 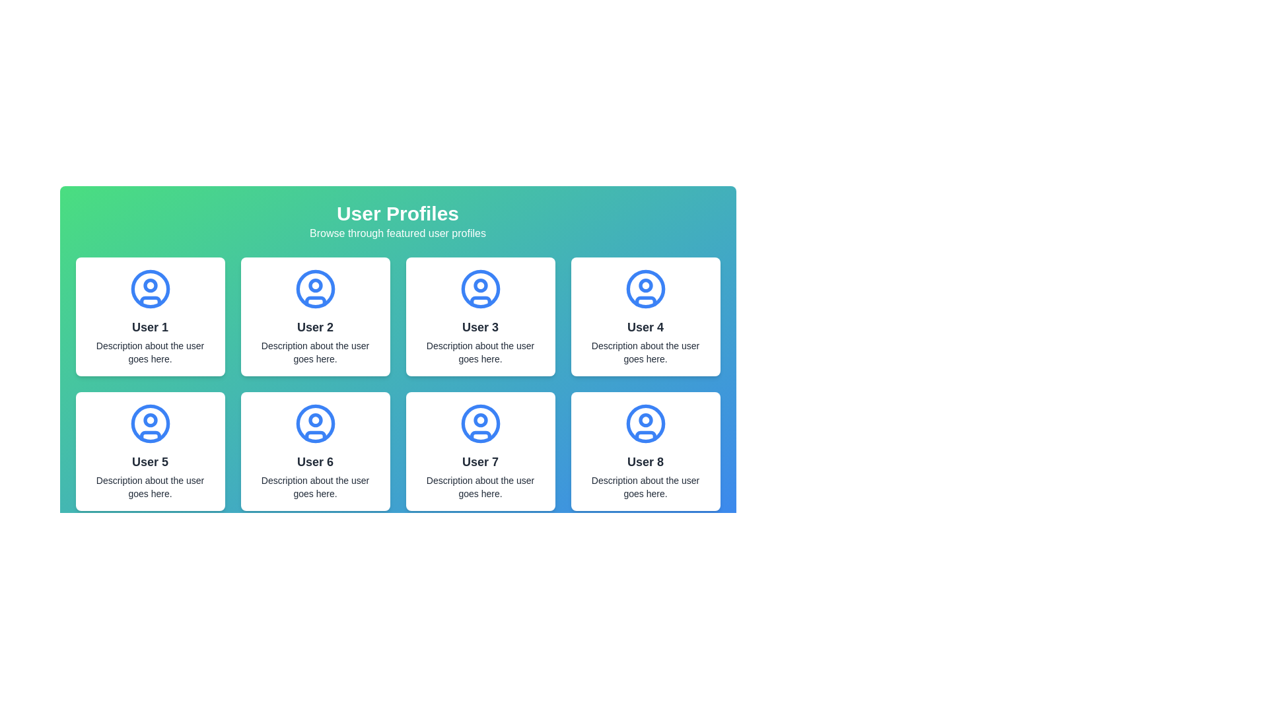 I want to click on text label providing additional information about User 8, located below the 'User 8' title text in the card, so click(x=645, y=487).